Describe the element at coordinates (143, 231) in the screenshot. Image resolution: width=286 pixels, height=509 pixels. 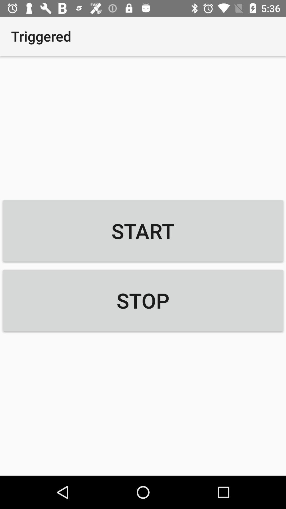
I see `the start icon` at that location.